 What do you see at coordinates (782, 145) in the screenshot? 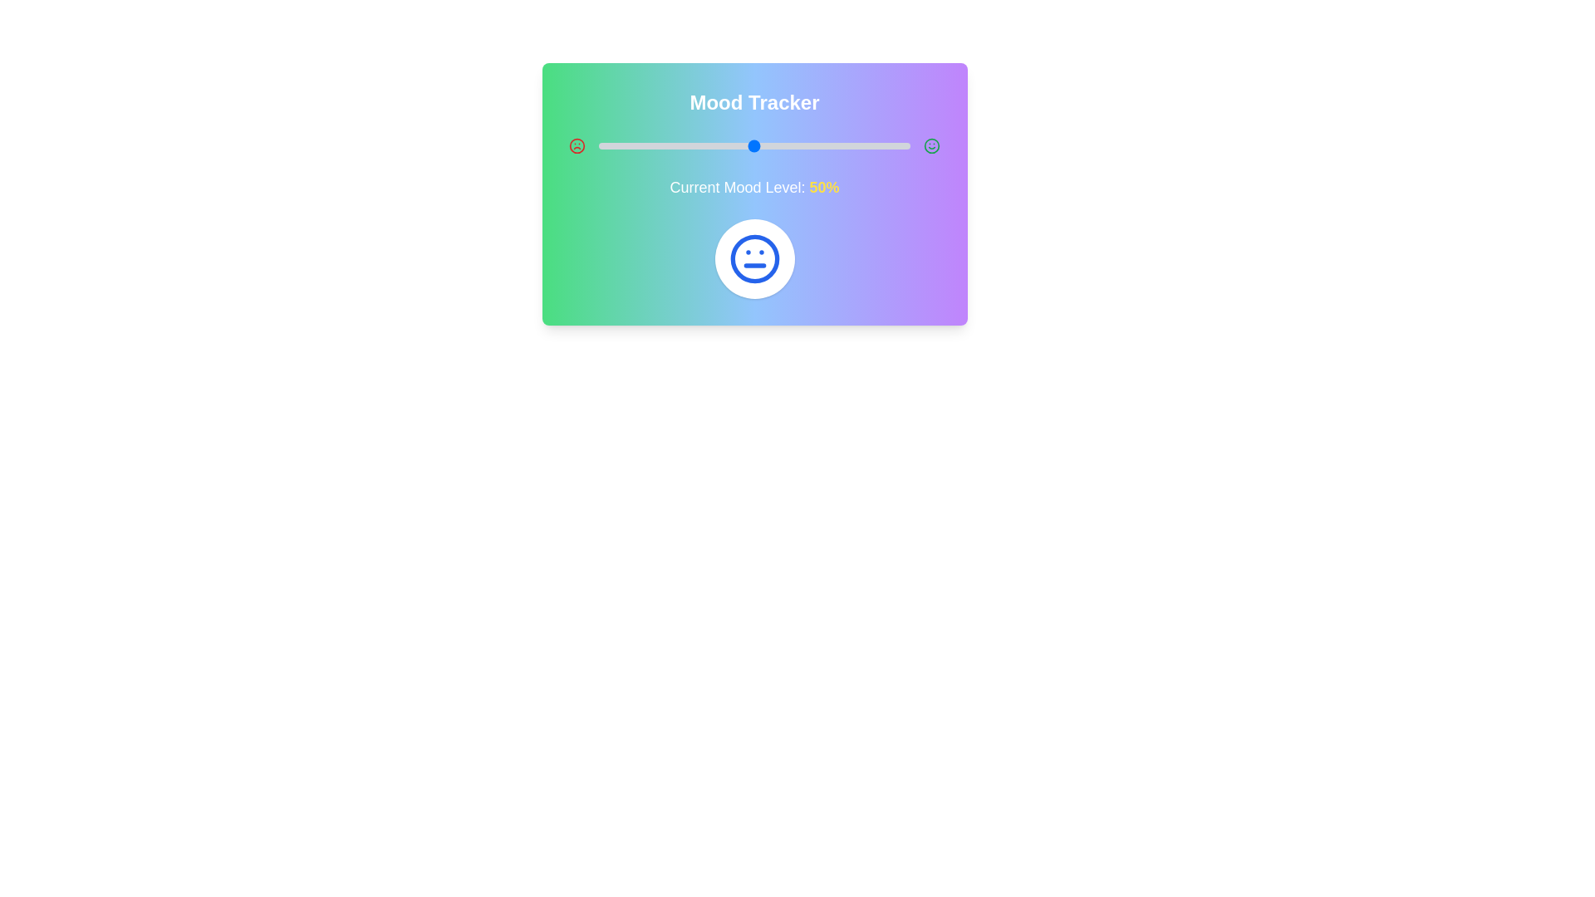
I see `the mood level to 59% by interacting with the slider` at bounding box center [782, 145].